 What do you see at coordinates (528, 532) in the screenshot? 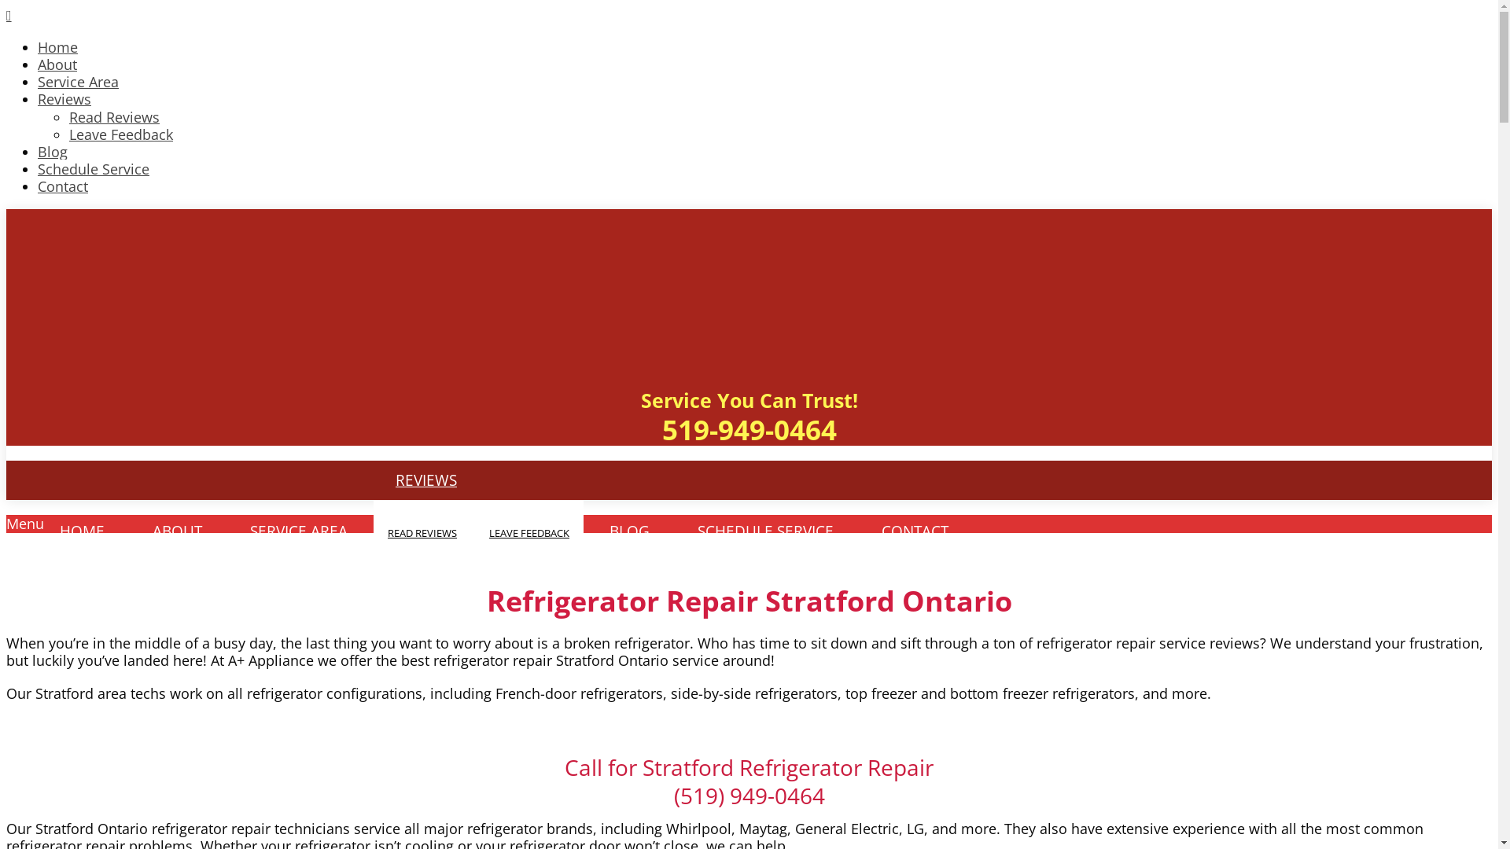
I see `'LEAVE FEEDBACK'` at bounding box center [528, 532].